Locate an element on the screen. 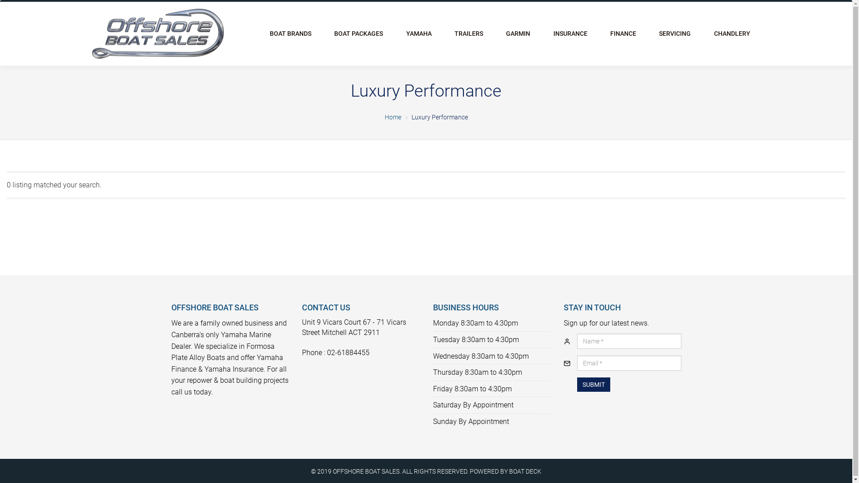 The image size is (859, 483). 'YAMAHA' is located at coordinates (418, 33).